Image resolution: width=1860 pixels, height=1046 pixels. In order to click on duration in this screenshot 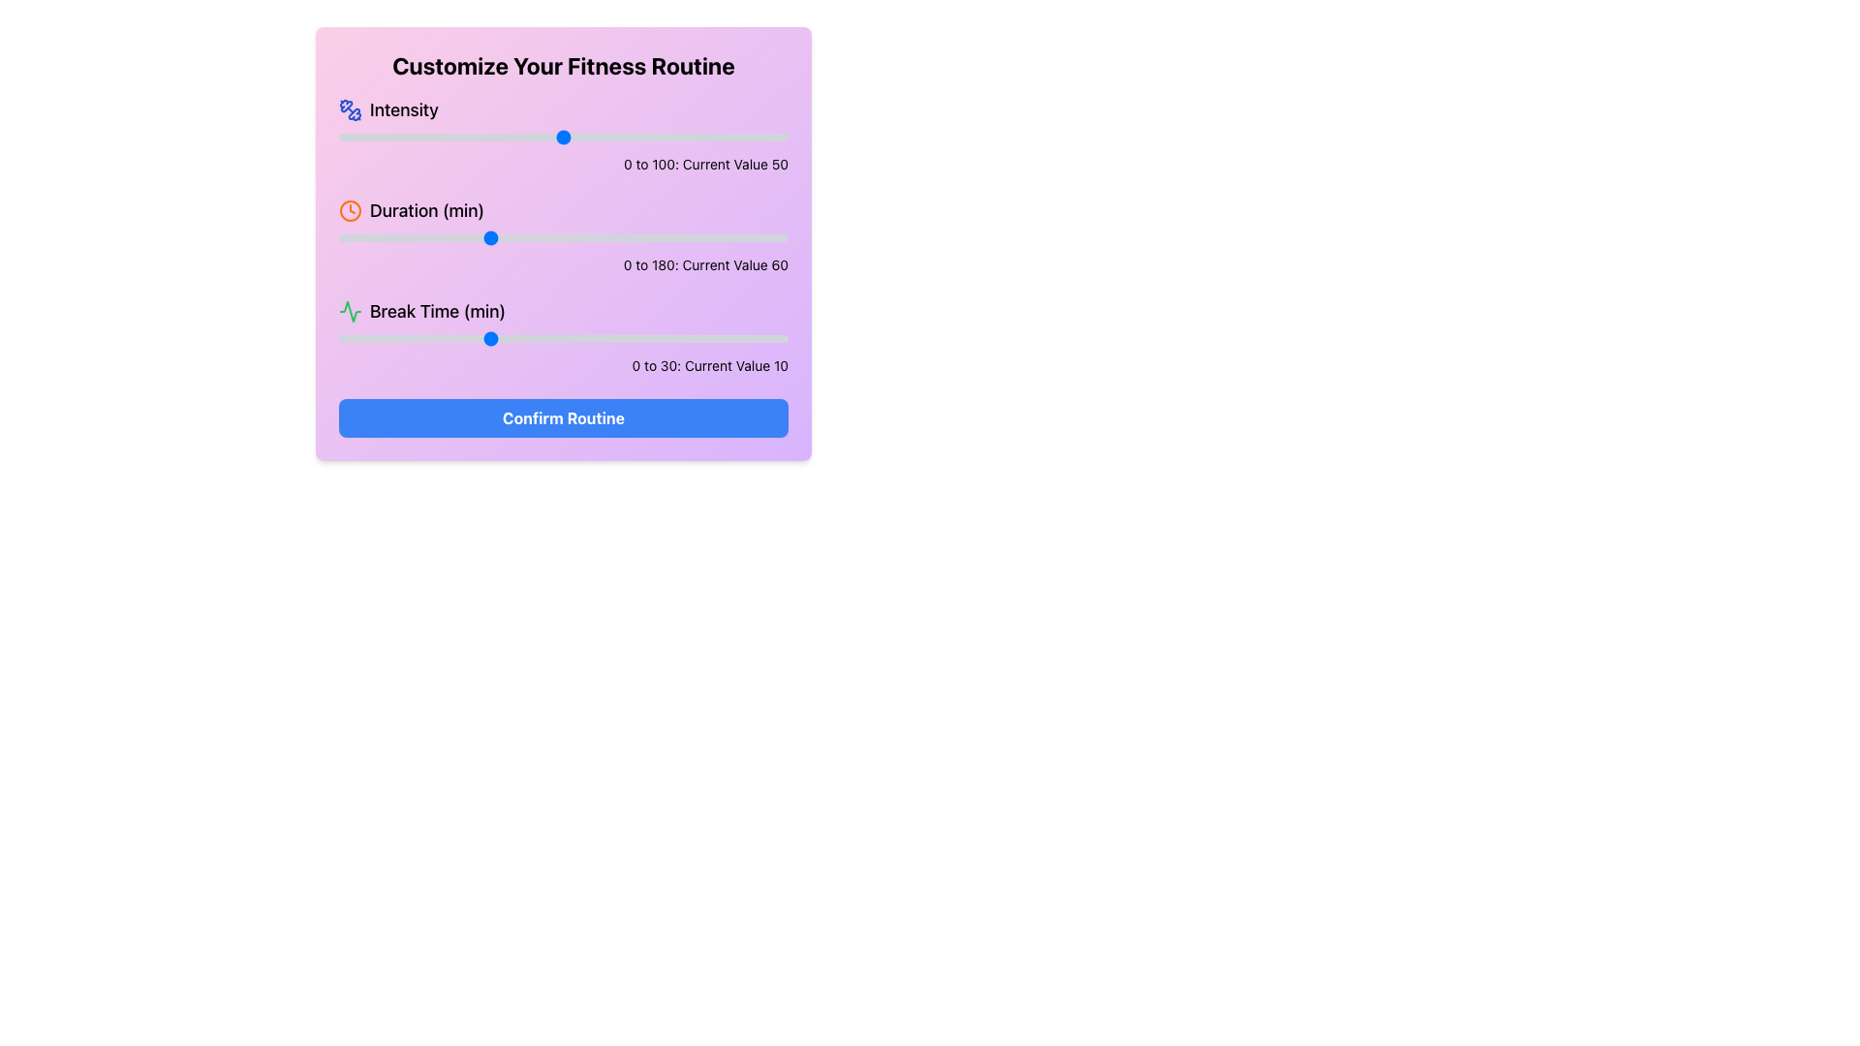, I will do `click(603, 237)`.